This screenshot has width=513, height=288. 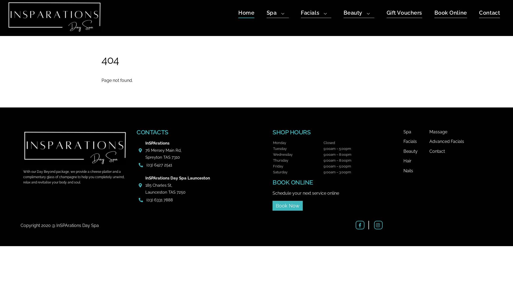 What do you see at coordinates (434, 13) in the screenshot?
I see `'Book Online'` at bounding box center [434, 13].